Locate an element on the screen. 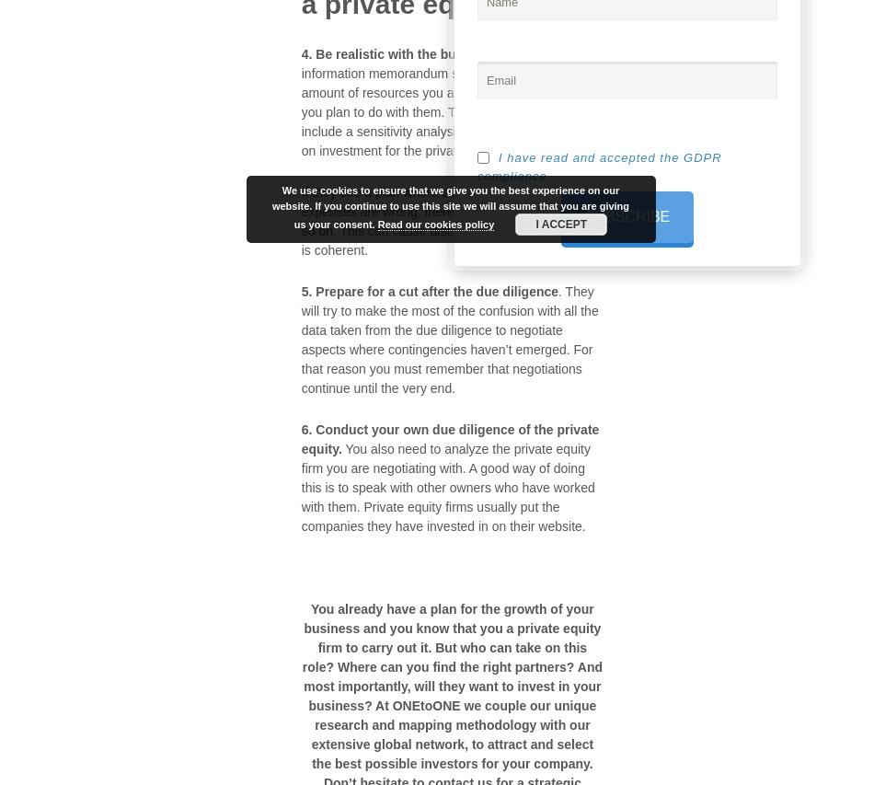  'We use cookies to ensure that we give you the best experience on our website. If you continue to use this site we will assume that you are giving us your consent.' is located at coordinates (450, 206).